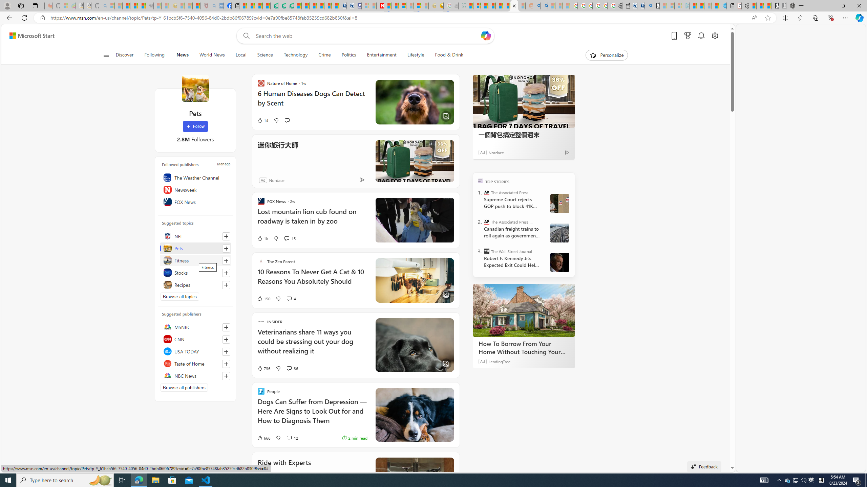 Image resolution: width=867 pixels, height=487 pixels. What do you see at coordinates (486, 35) in the screenshot?
I see `'Open Copilot'` at bounding box center [486, 35].